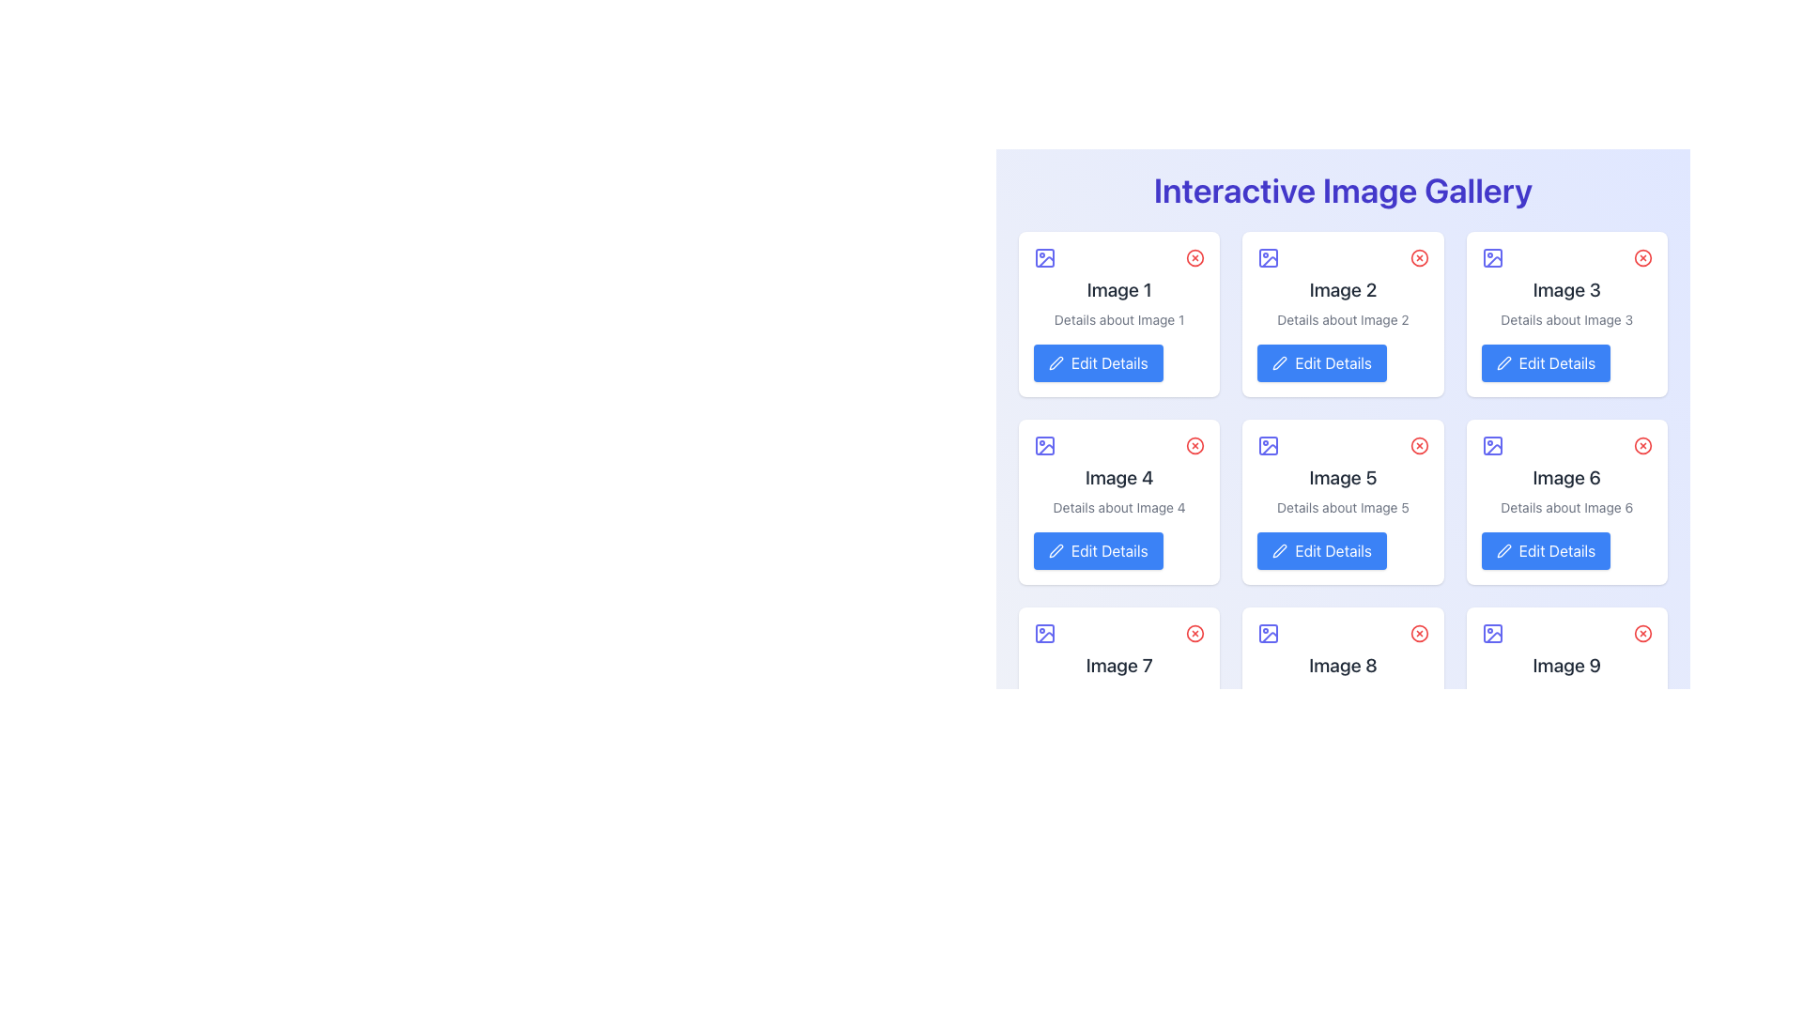 This screenshot has height=1014, width=1803. I want to click on the delete button located at the top-right corner of the second image card, so click(1419, 257).